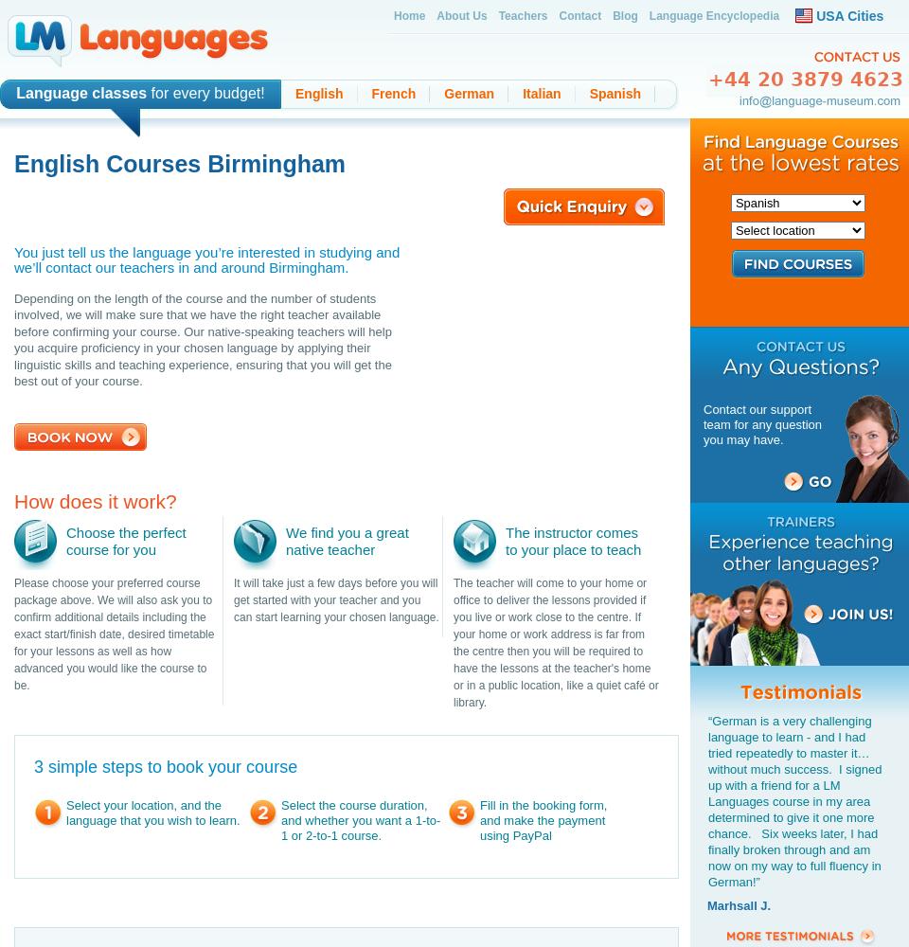 The image size is (909, 947). What do you see at coordinates (556, 642) in the screenshot?
I see `'The teacher will come to your home or office to deliver the
					lessons provided if you live or work close to the centre. If your home
					or work address is far from the centre then you will be required to have
					the lessons at the teacher's home or in a public location, like a quiet
					café or library.'` at bounding box center [556, 642].